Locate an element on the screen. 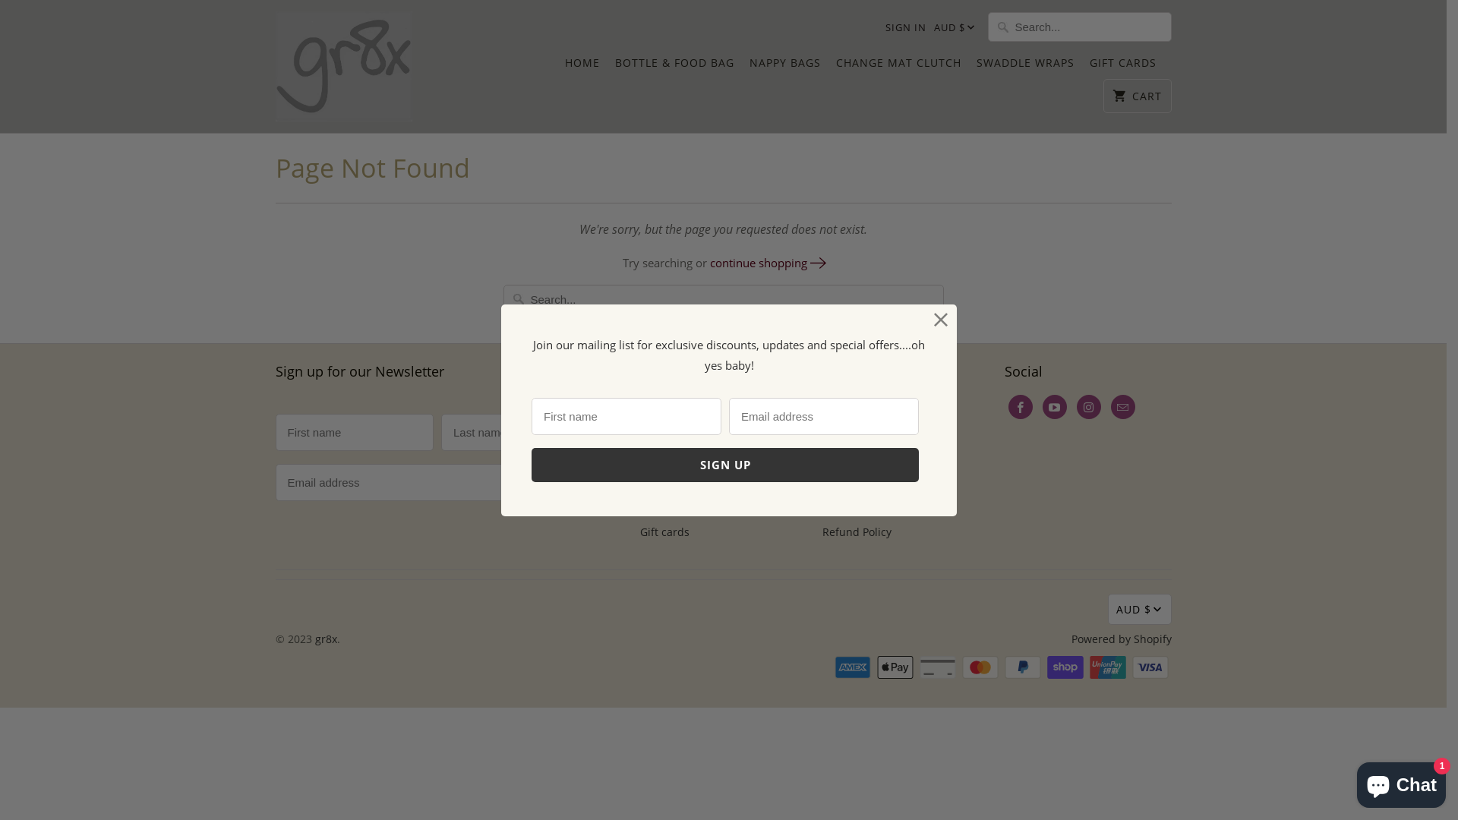 Image resolution: width=1458 pixels, height=820 pixels. 'AUD $' is located at coordinates (950, 28).